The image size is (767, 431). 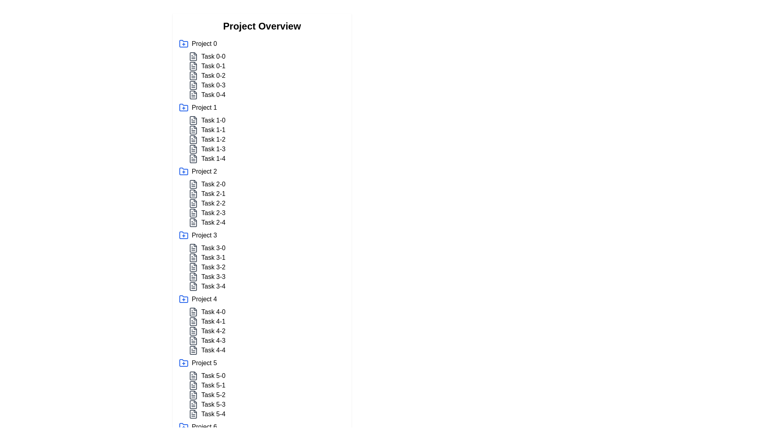 What do you see at coordinates (183, 44) in the screenshot?
I see `the icon button located at the leftmost side of the line containing 'Project 0'` at bounding box center [183, 44].